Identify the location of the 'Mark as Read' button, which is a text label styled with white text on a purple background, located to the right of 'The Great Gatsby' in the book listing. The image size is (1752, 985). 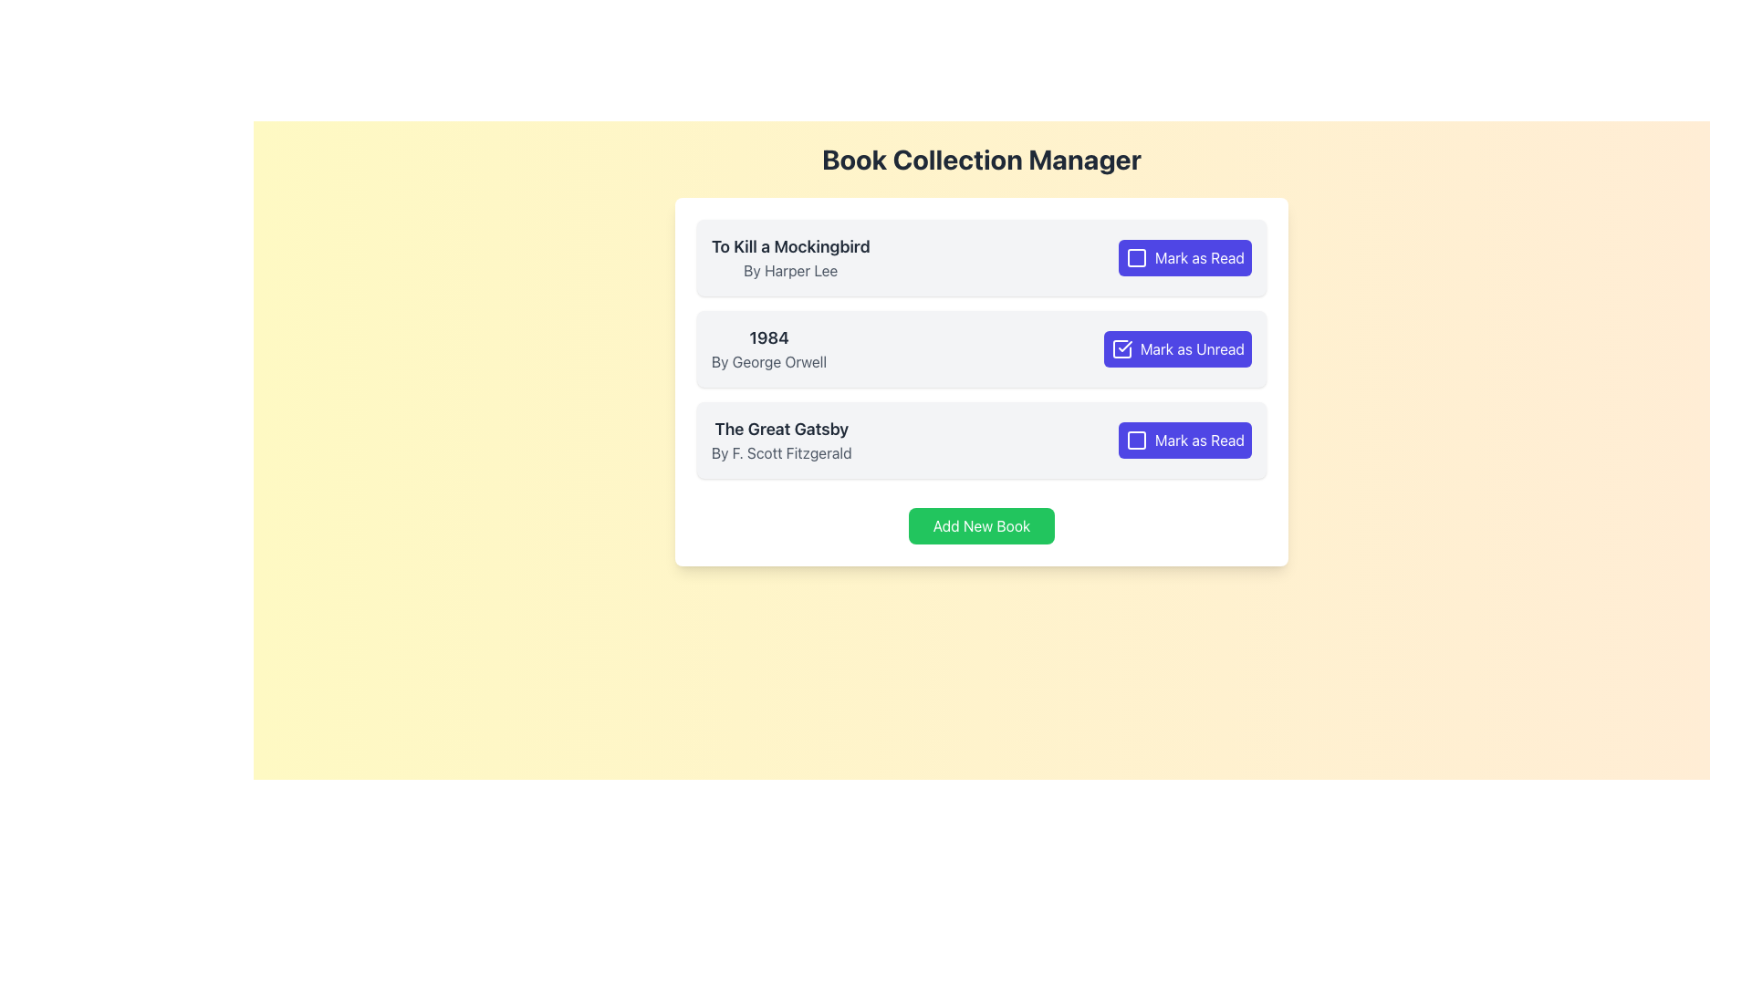
(1200, 440).